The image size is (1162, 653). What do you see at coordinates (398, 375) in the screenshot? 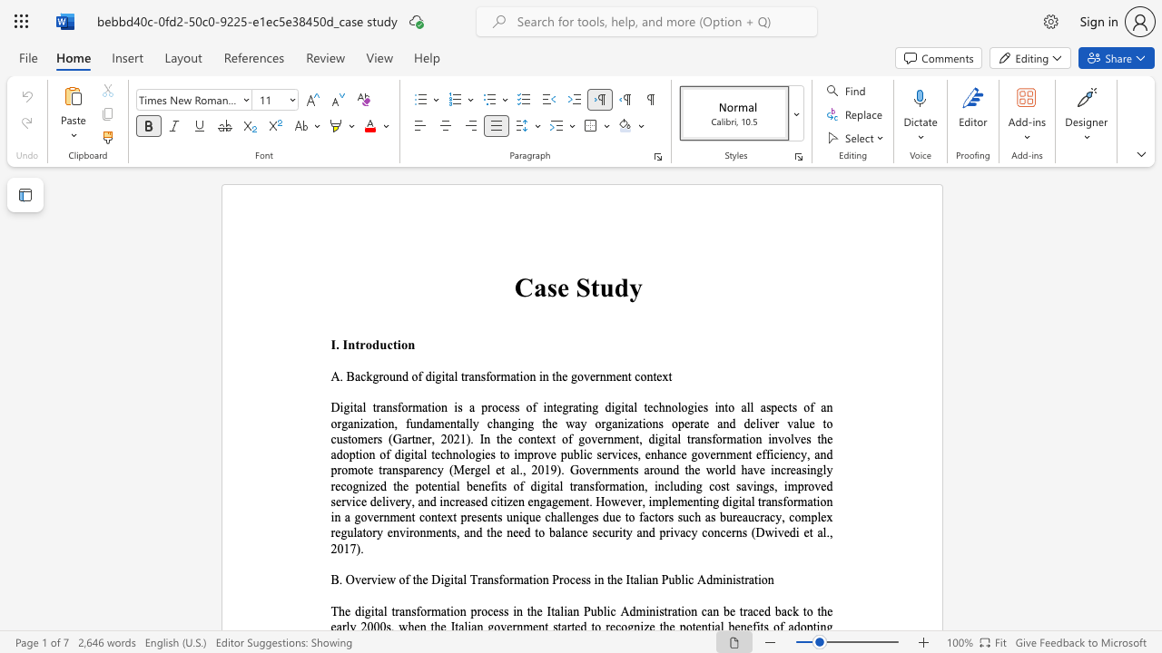
I see `the 1th character "n" in the text` at bounding box center [398, 375].